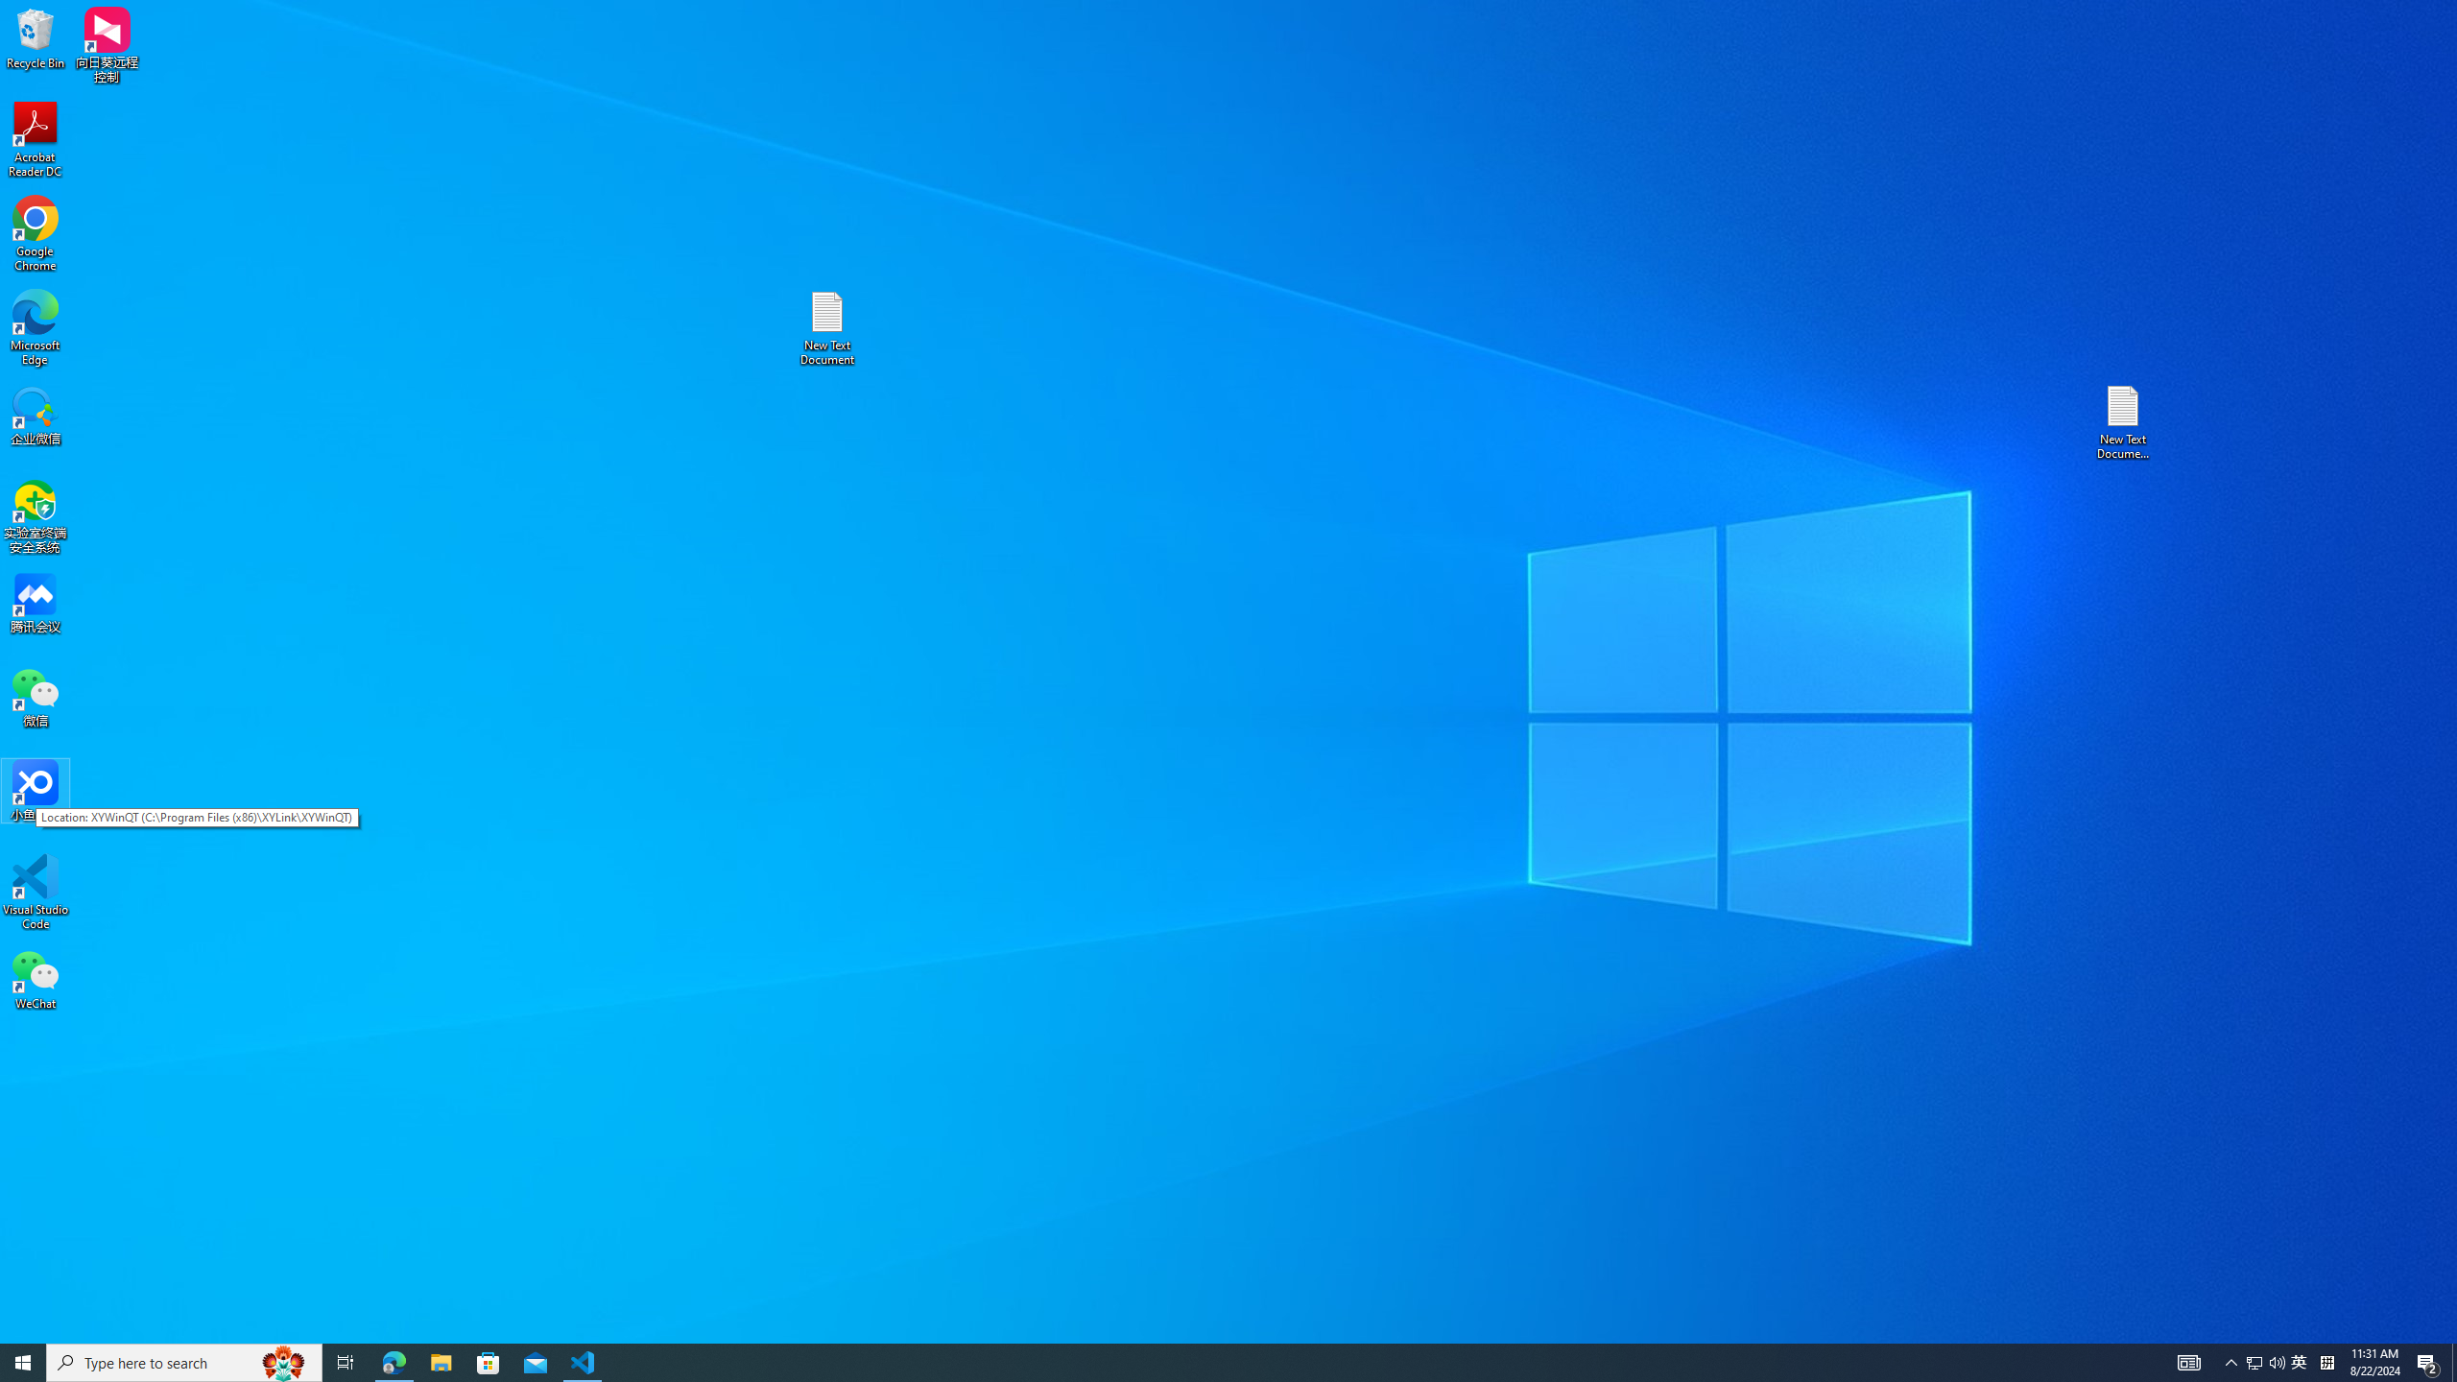 The image size is (2457, 1382). What do you see at coordinates (35, 36) in the screenshot?
I see `'Recycle Bin'` at bounding box center [35, 36].